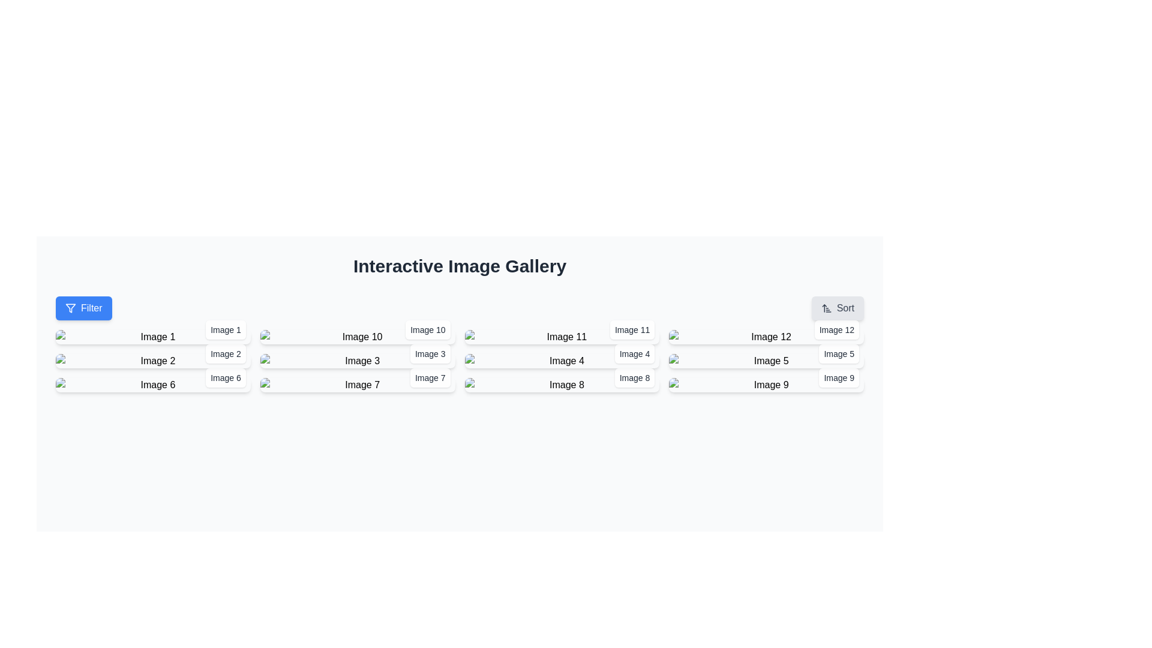 This screenshot has height=648, width=1152. I want to click on the sorting icon located to the left of the 'Sort' label in the top-right corner of the page, so click(826, 307).